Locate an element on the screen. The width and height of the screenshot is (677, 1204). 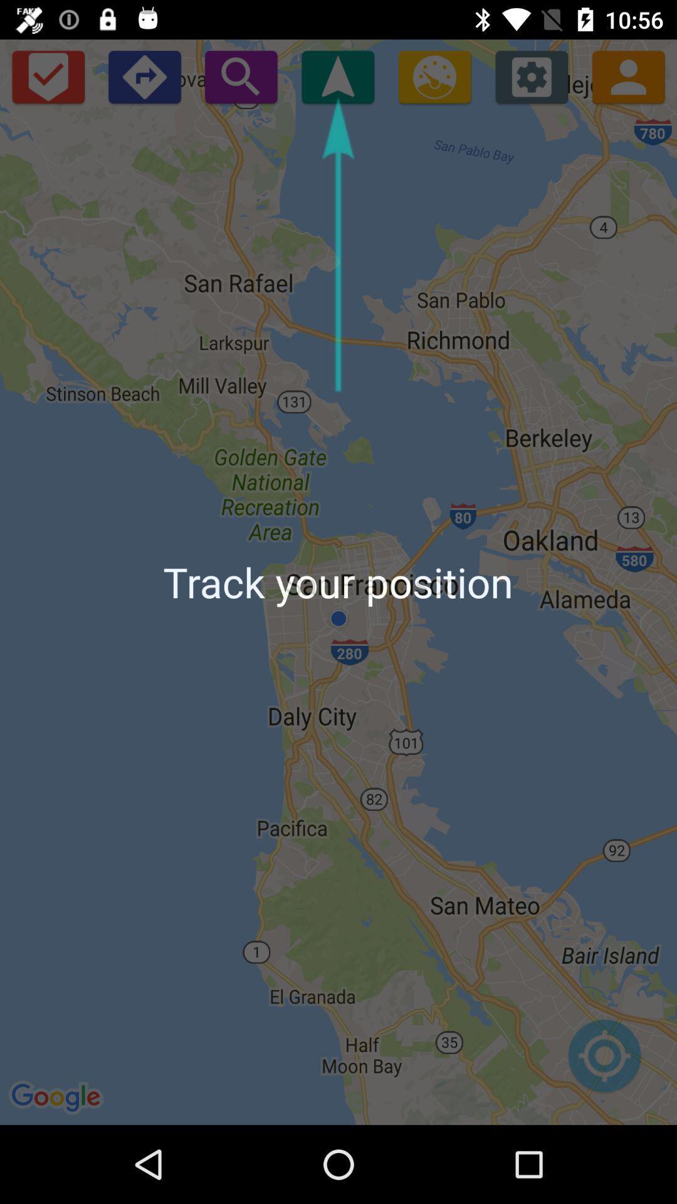
contact selection is located at coordinates (628, 76).